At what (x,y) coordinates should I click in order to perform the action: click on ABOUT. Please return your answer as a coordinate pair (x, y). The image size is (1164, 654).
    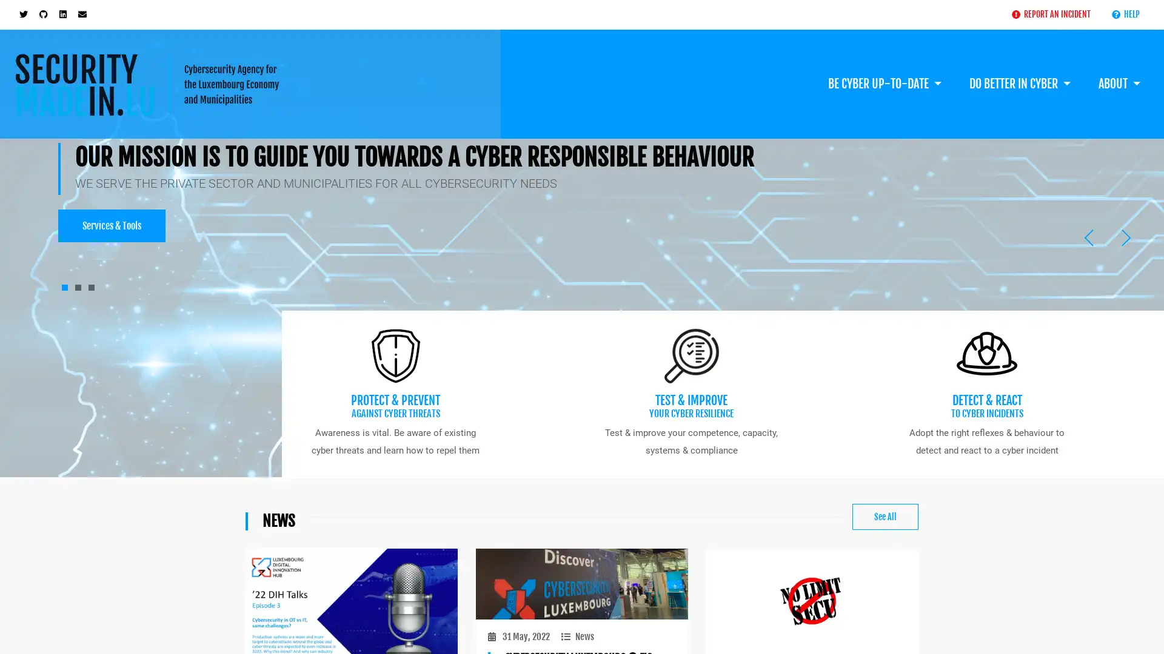
    Looking at the image, I should click on (1119, 65).